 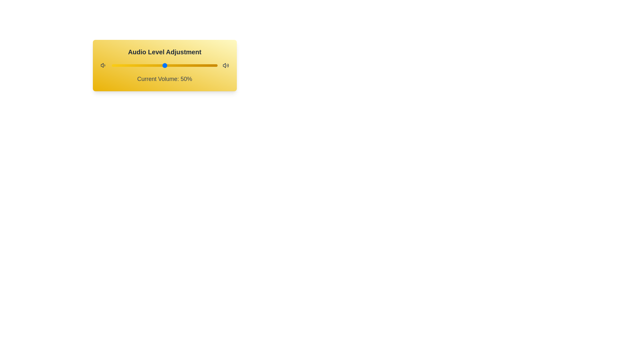 What do you see at coordinates (176, 66) in the screenshot?
I see `the volume level` at bounding box center [176, 66].